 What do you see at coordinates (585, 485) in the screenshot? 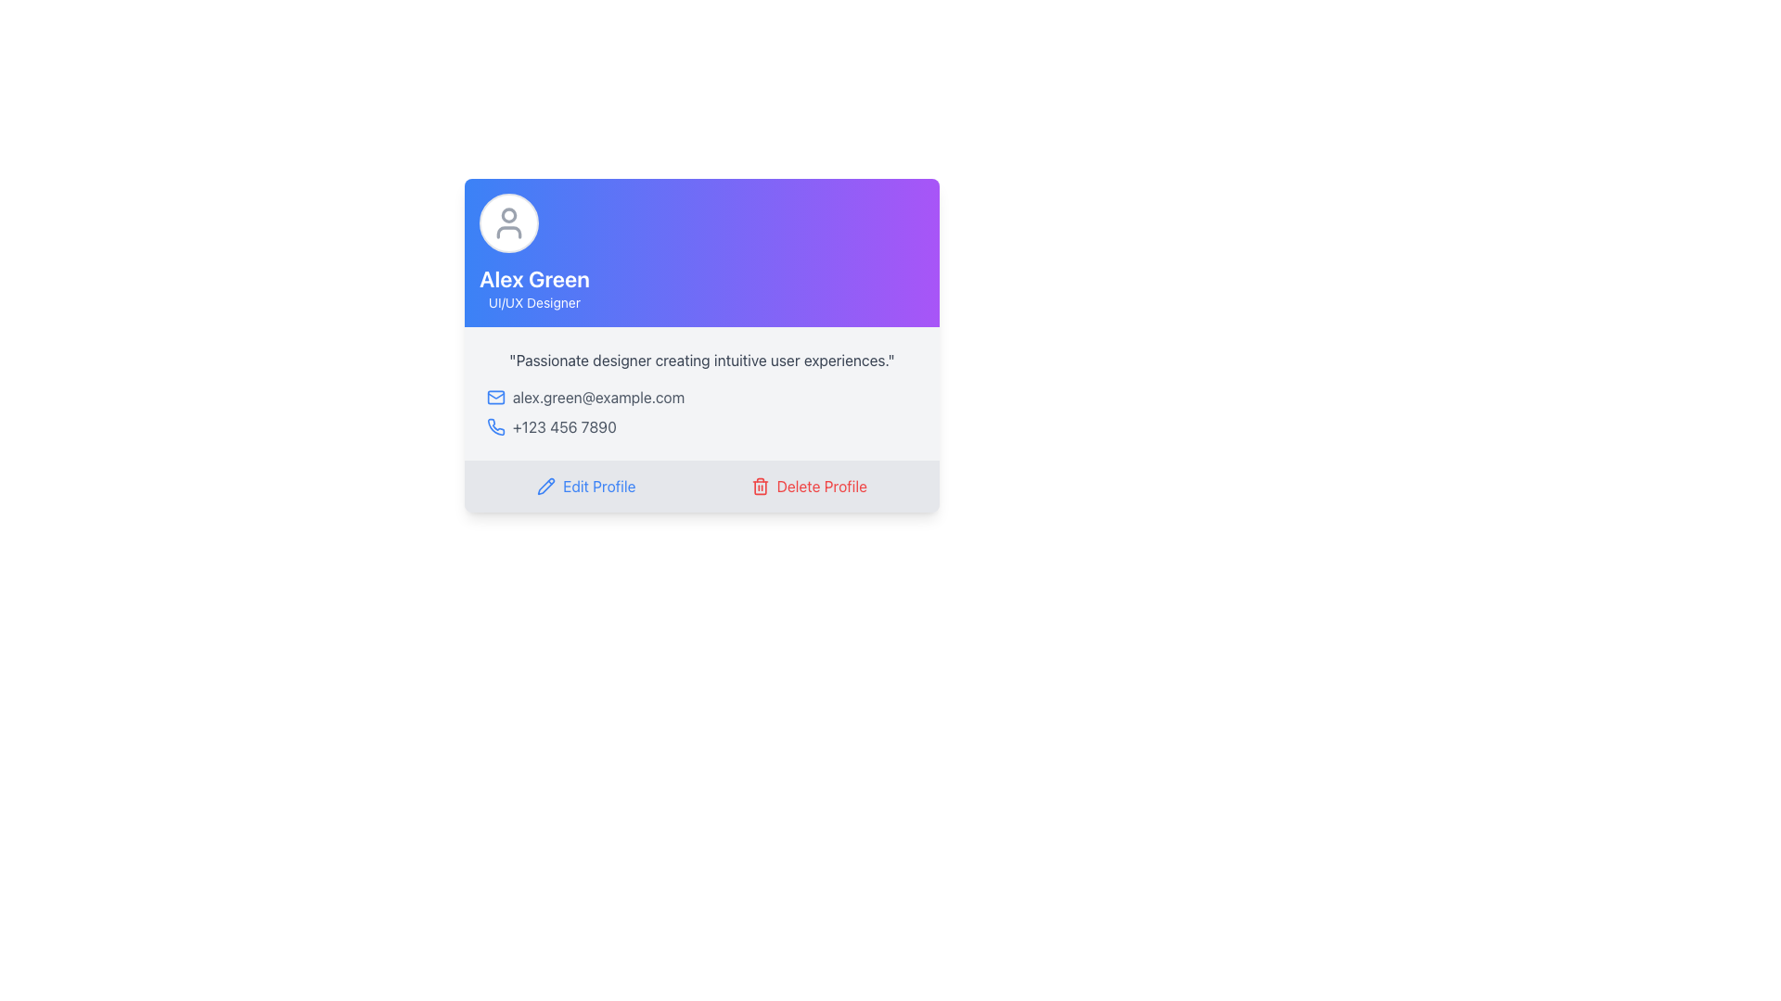
I see `the 'Edit Profile' button, which features a pencil icon and blue text, located at the bottom of the profile card` at bounding box center [585, 485].